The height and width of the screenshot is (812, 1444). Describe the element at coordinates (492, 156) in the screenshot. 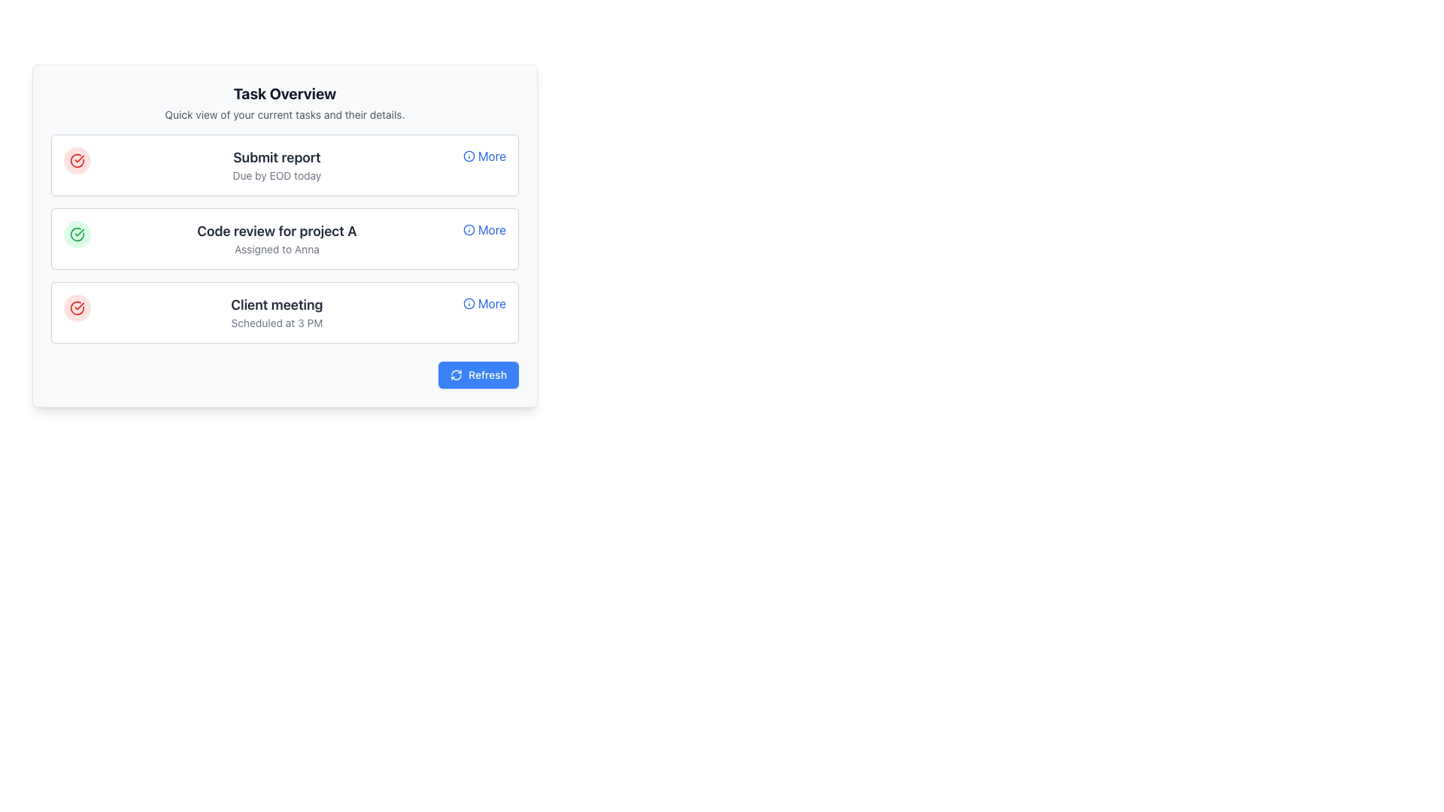

I see `the 'More' text link associated with the 'Submit report' task` at that location.